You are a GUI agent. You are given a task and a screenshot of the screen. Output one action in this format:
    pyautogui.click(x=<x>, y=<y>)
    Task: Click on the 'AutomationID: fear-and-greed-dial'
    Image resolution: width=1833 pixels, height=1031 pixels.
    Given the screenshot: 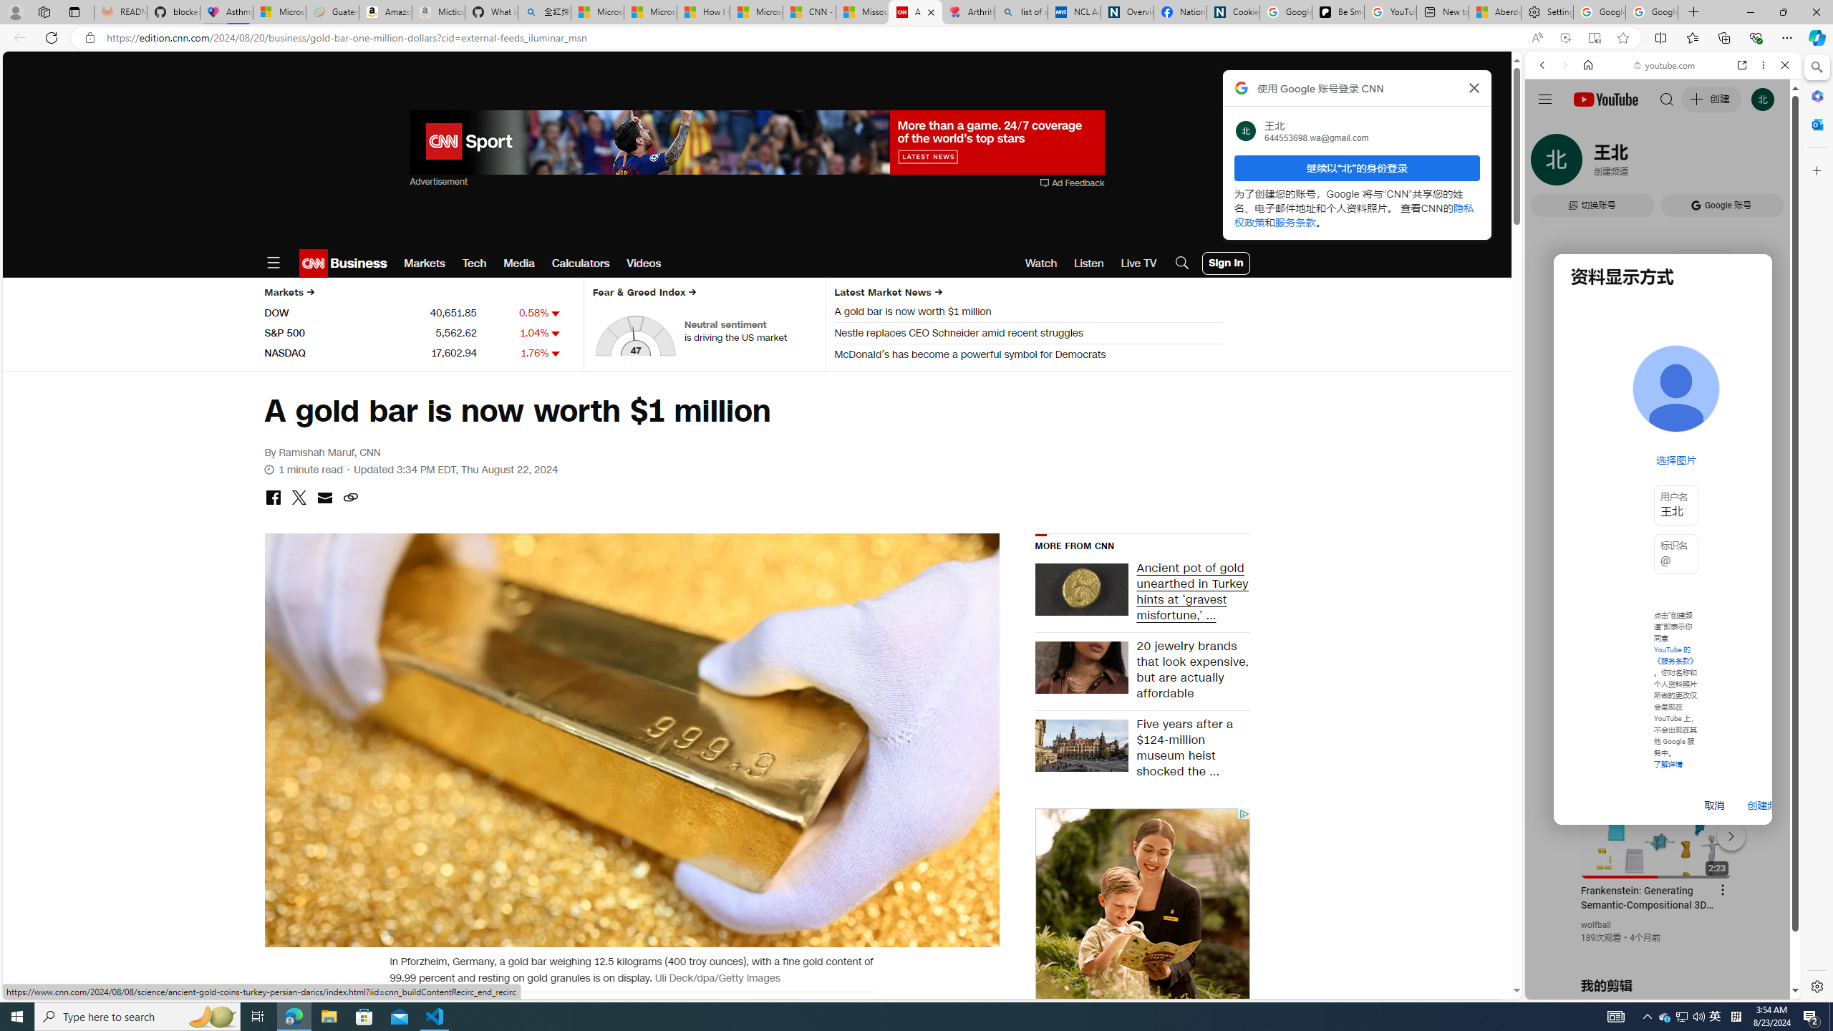 What is the action you would take?
    pyautogui.click(x=634, y=334)
    